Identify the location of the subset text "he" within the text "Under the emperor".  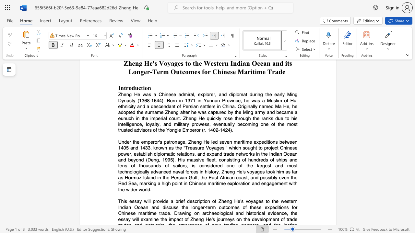
(176, 148).